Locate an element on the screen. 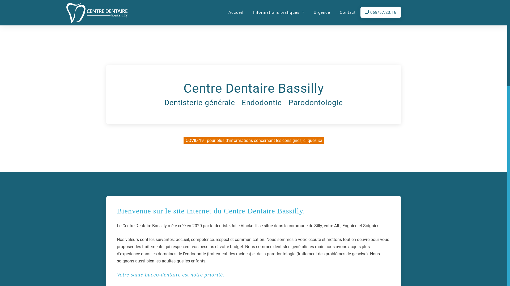  'Contact' is located at coordinates (348, 12).